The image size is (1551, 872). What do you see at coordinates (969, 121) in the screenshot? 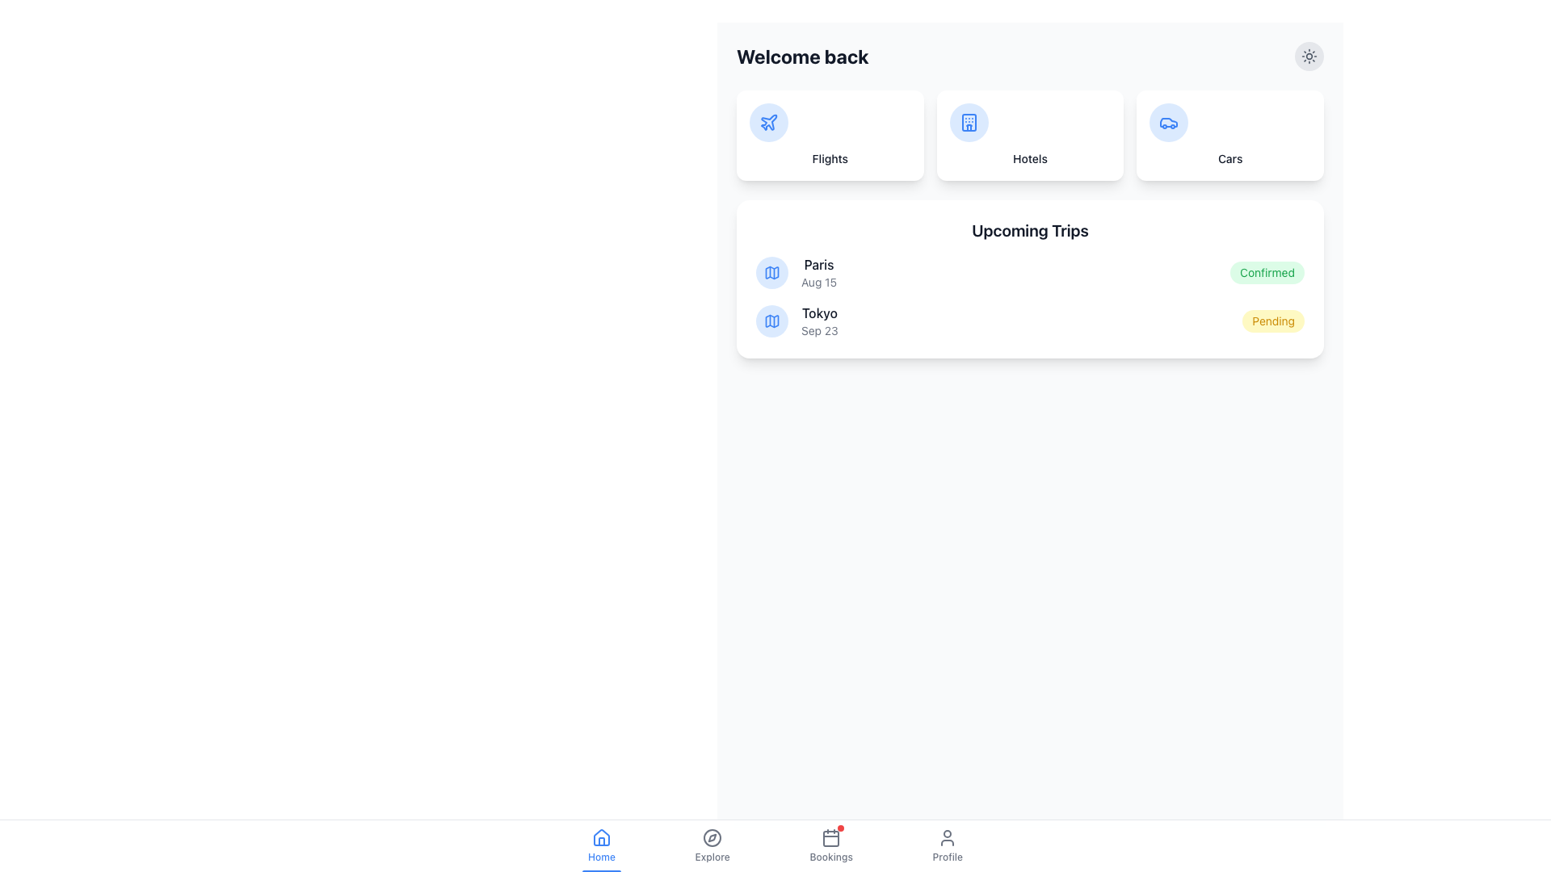
I see `the blue building icon within the 'Hotels' card, which is the second card under the 'Welcome back' heading` at bounding box center [969, 121].